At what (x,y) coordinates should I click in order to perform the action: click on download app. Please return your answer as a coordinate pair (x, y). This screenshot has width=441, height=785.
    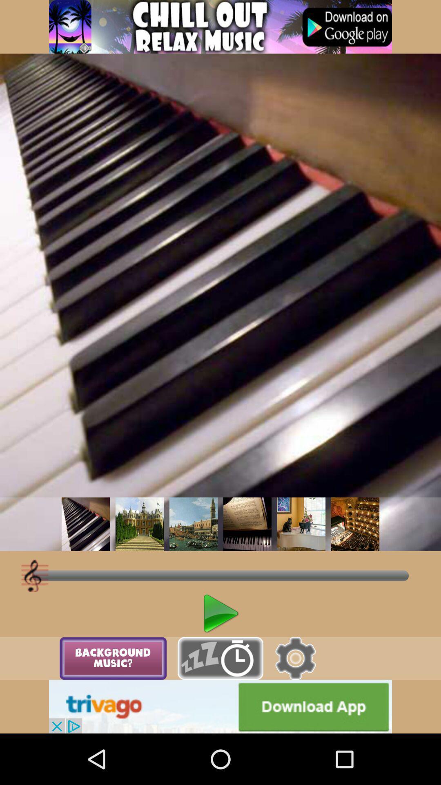
    Looking at the image, I should click on (220, 706).